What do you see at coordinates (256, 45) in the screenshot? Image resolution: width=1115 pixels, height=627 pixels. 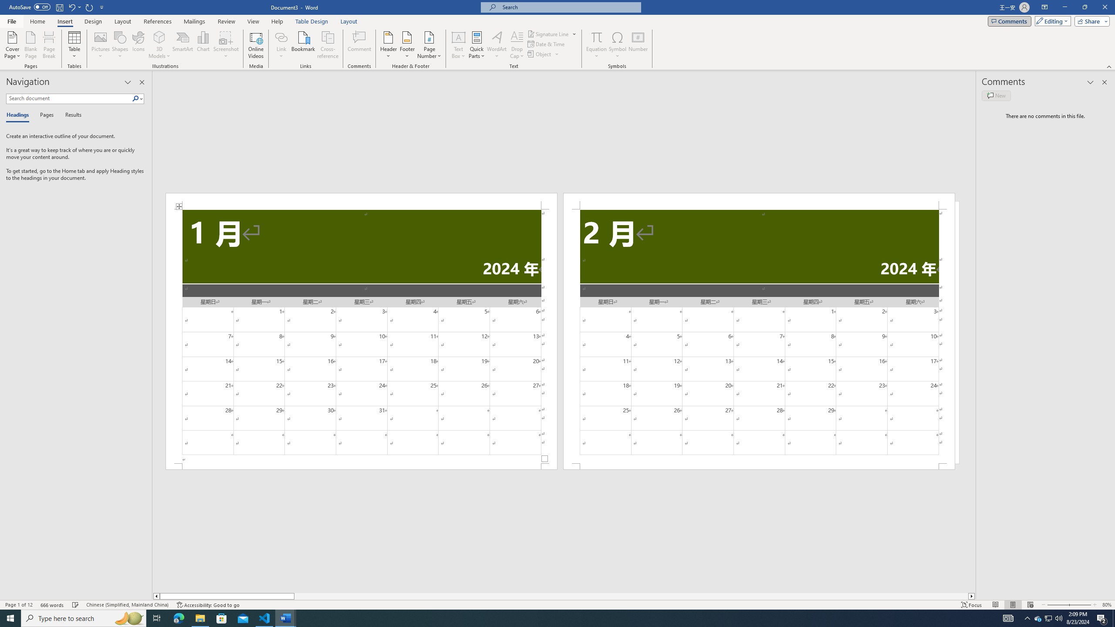 I see `'Online Videos...'` at bounding box center [256, 45].